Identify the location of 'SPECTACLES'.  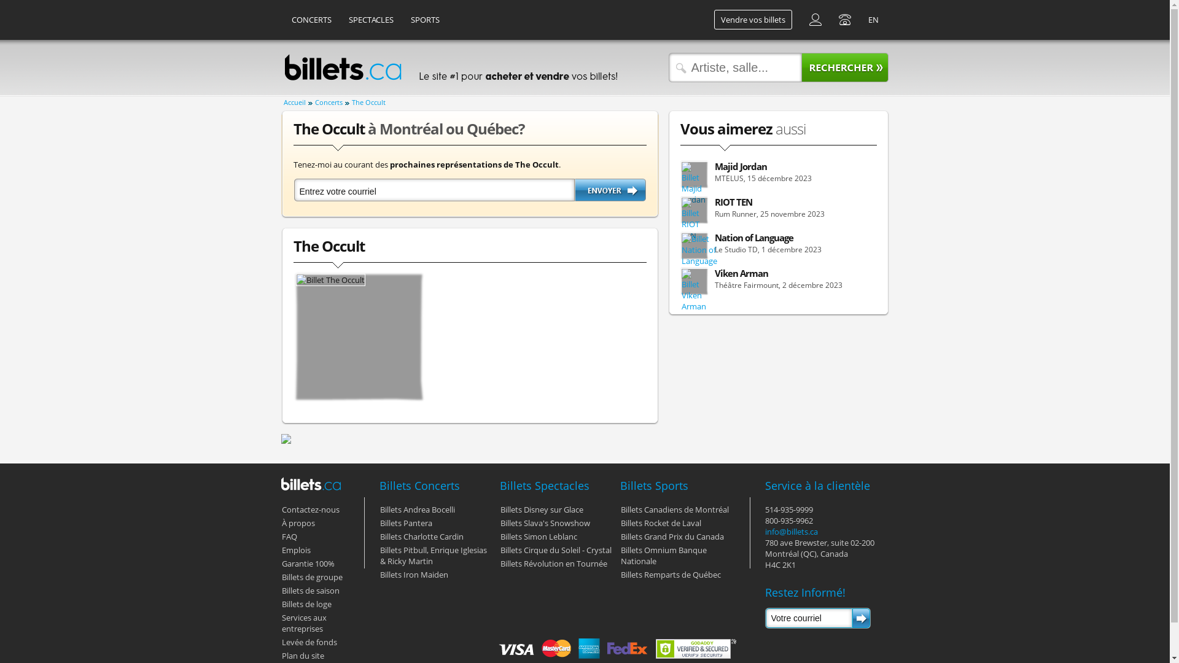
(370, 19).